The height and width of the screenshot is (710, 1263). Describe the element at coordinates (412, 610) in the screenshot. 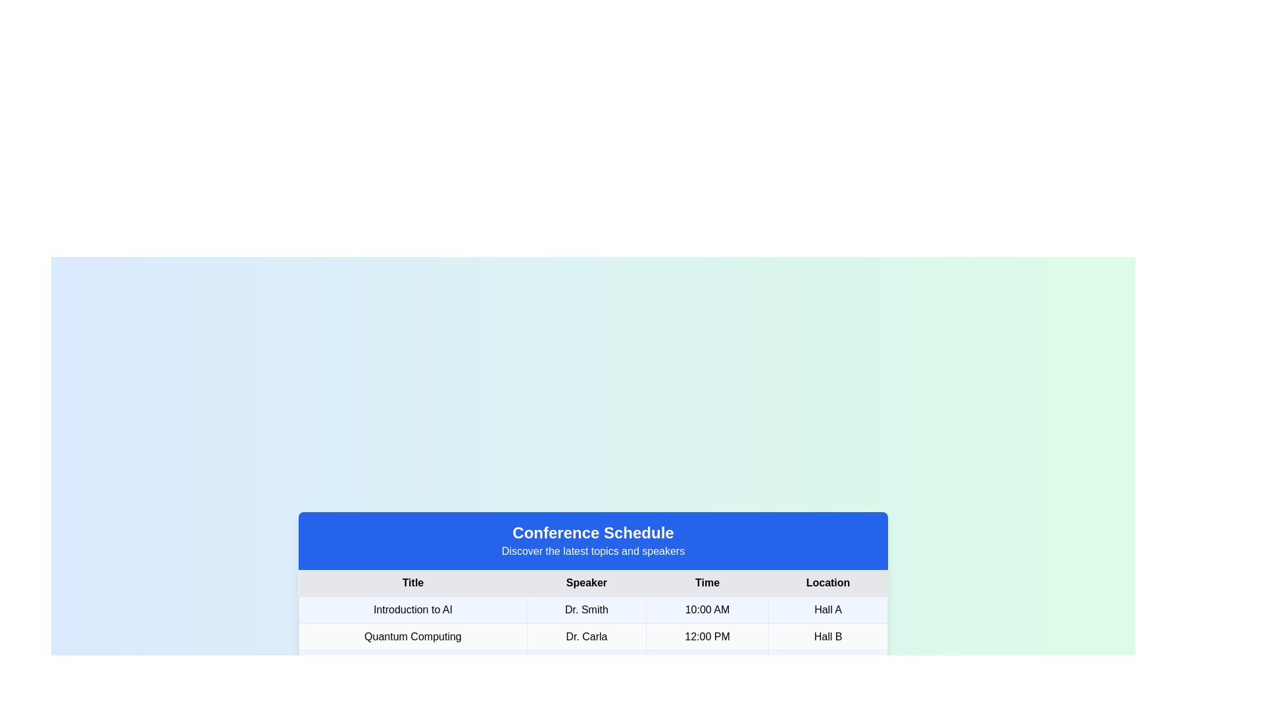

I see `the text label displaying 'Introduction to AI', which is styled with padding and a border, located in the first row of a table under the 'Title' column` at that location.